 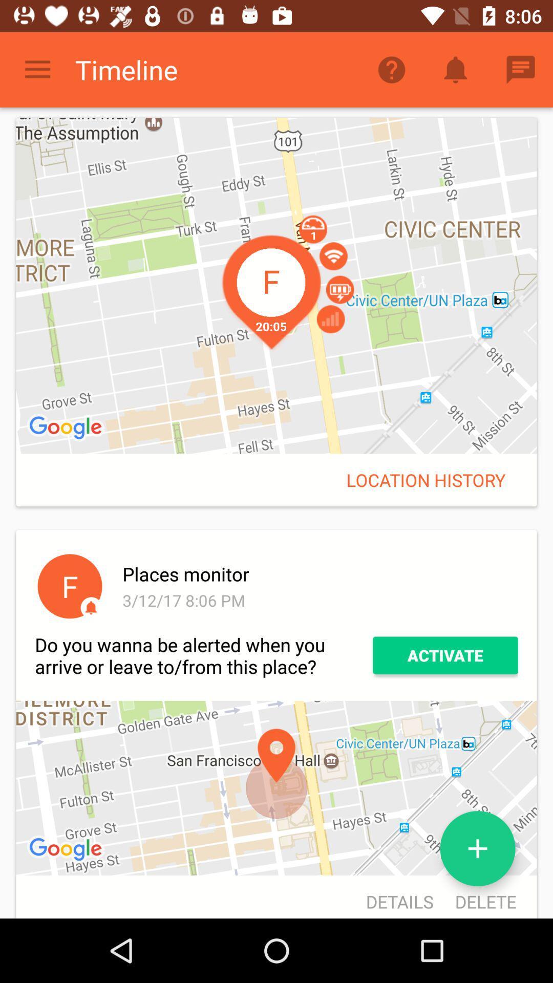 What do you see at coordinates (69, 586) in the screenshot?
I see `the icon next to places monitor item` at bounding box center [69, 586].